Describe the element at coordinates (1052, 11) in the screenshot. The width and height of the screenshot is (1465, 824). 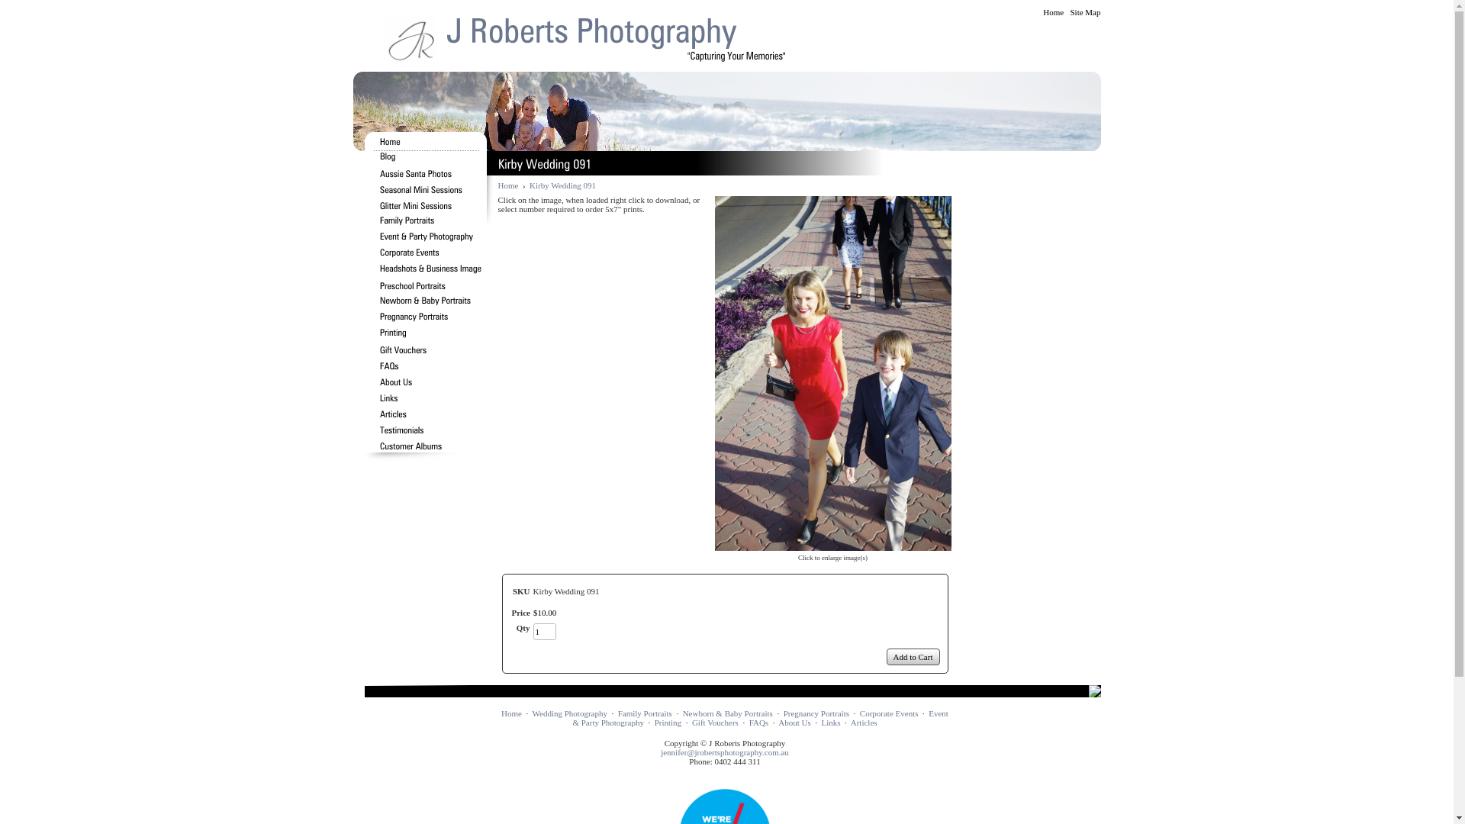
I see `'Home'` at that location.